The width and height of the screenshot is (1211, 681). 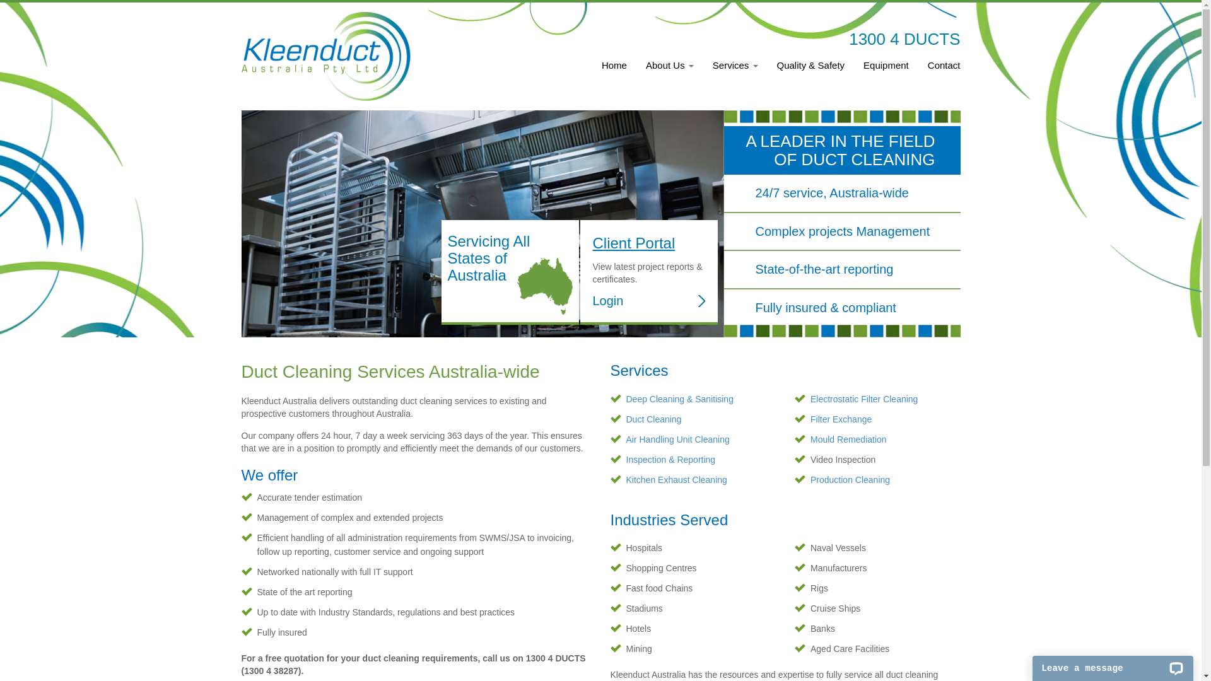 What do you see at coordinates (669, 72) in the screenshot?
I see `'About Us'` at bounding box center [669, 72].